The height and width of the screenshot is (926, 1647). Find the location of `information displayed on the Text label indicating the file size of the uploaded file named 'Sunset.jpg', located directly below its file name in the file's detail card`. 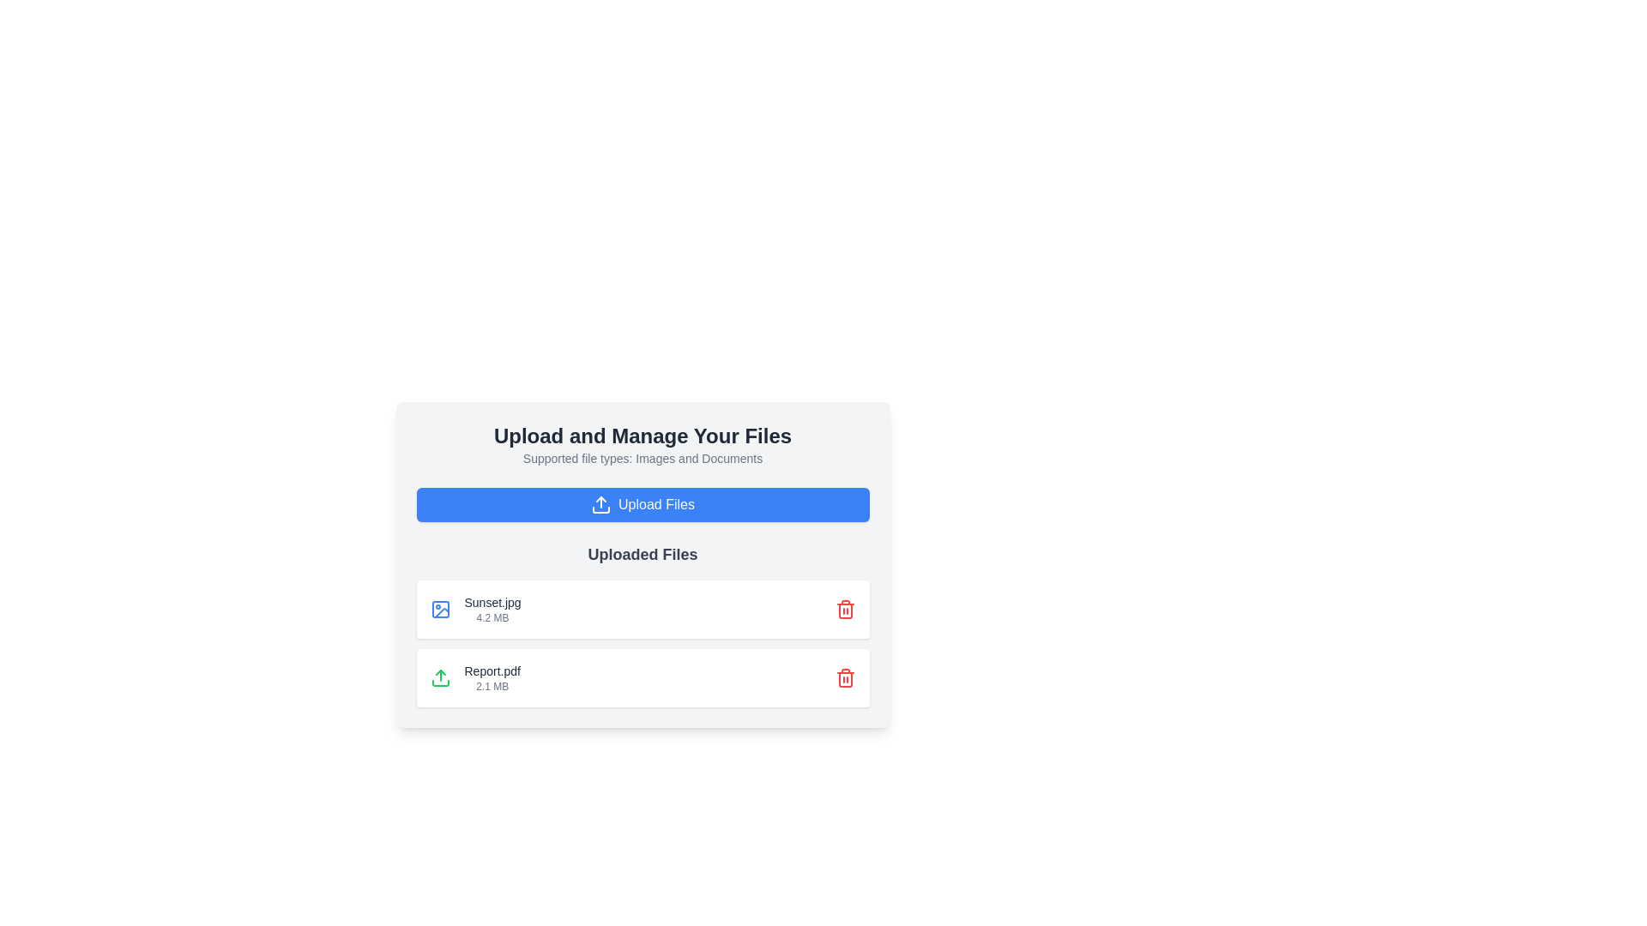

information displayed on the Text label indicating the file size of the uploaded file named 'Sunset.jpg', located directly below its file name in the file's detail card is located at coordinates (492, 618).